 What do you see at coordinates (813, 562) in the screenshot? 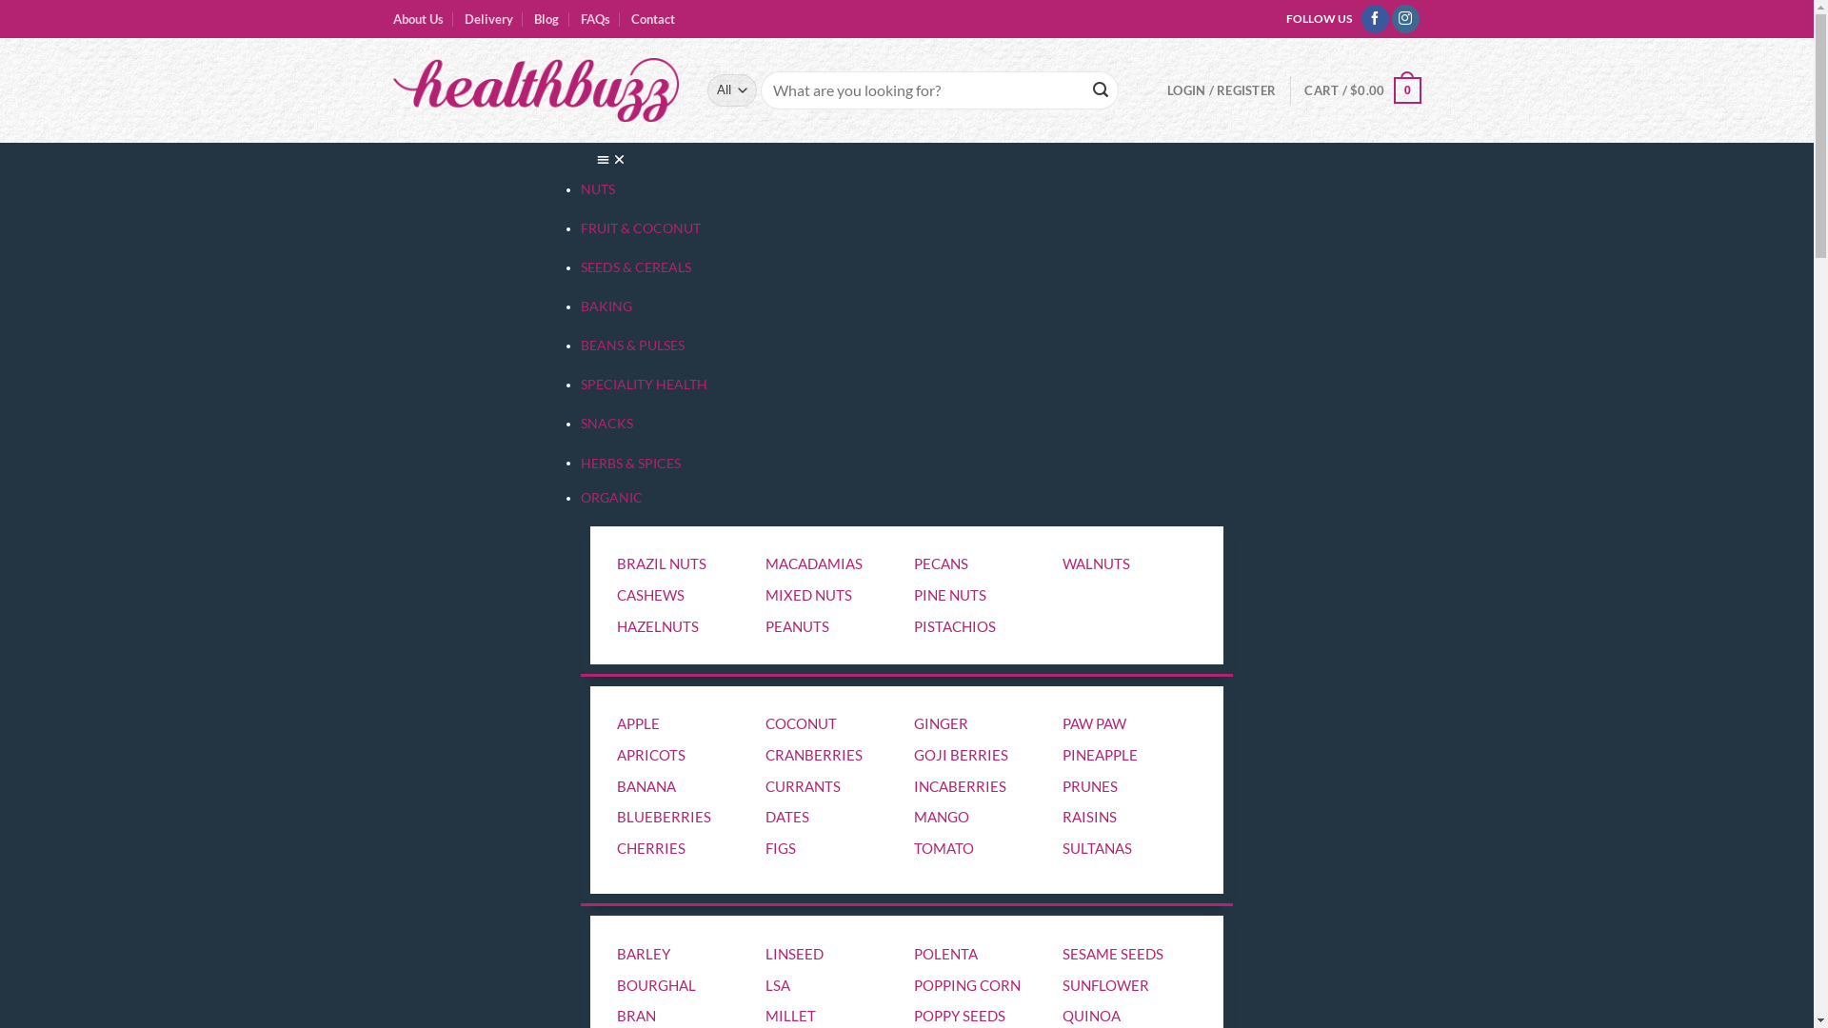
I see `'MACADAMIAS'` at bounding box center [813, 562].